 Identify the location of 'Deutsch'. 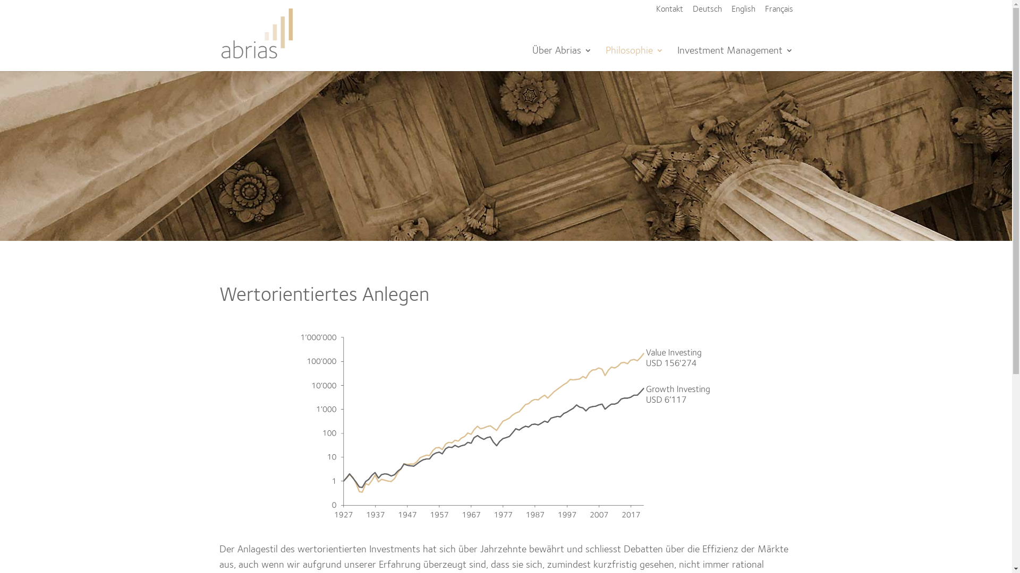
(693, 13).